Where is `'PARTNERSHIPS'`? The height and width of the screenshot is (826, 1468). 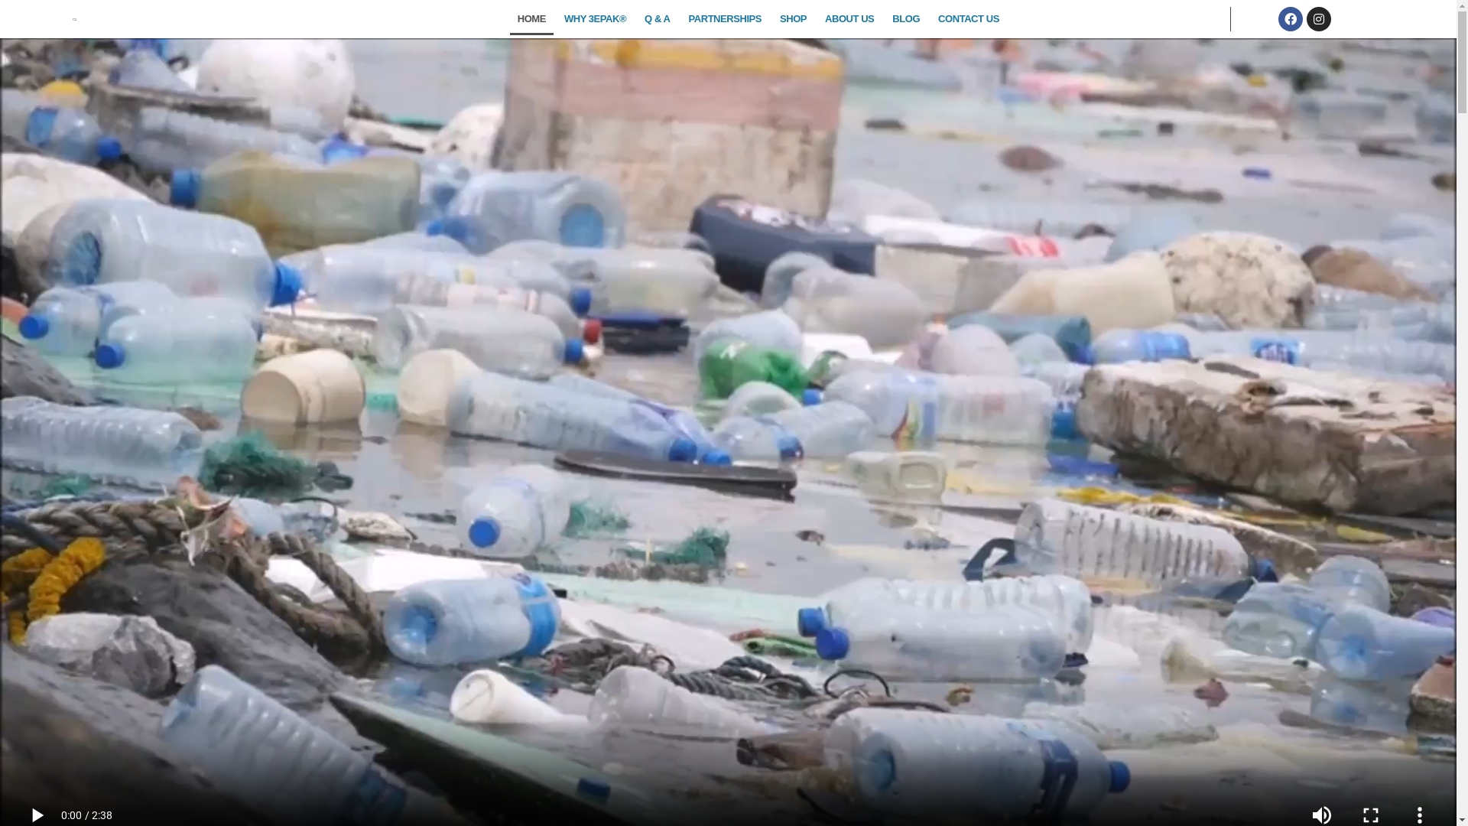
'PARTNERSHIPS' is located at coordinates (723, 18).